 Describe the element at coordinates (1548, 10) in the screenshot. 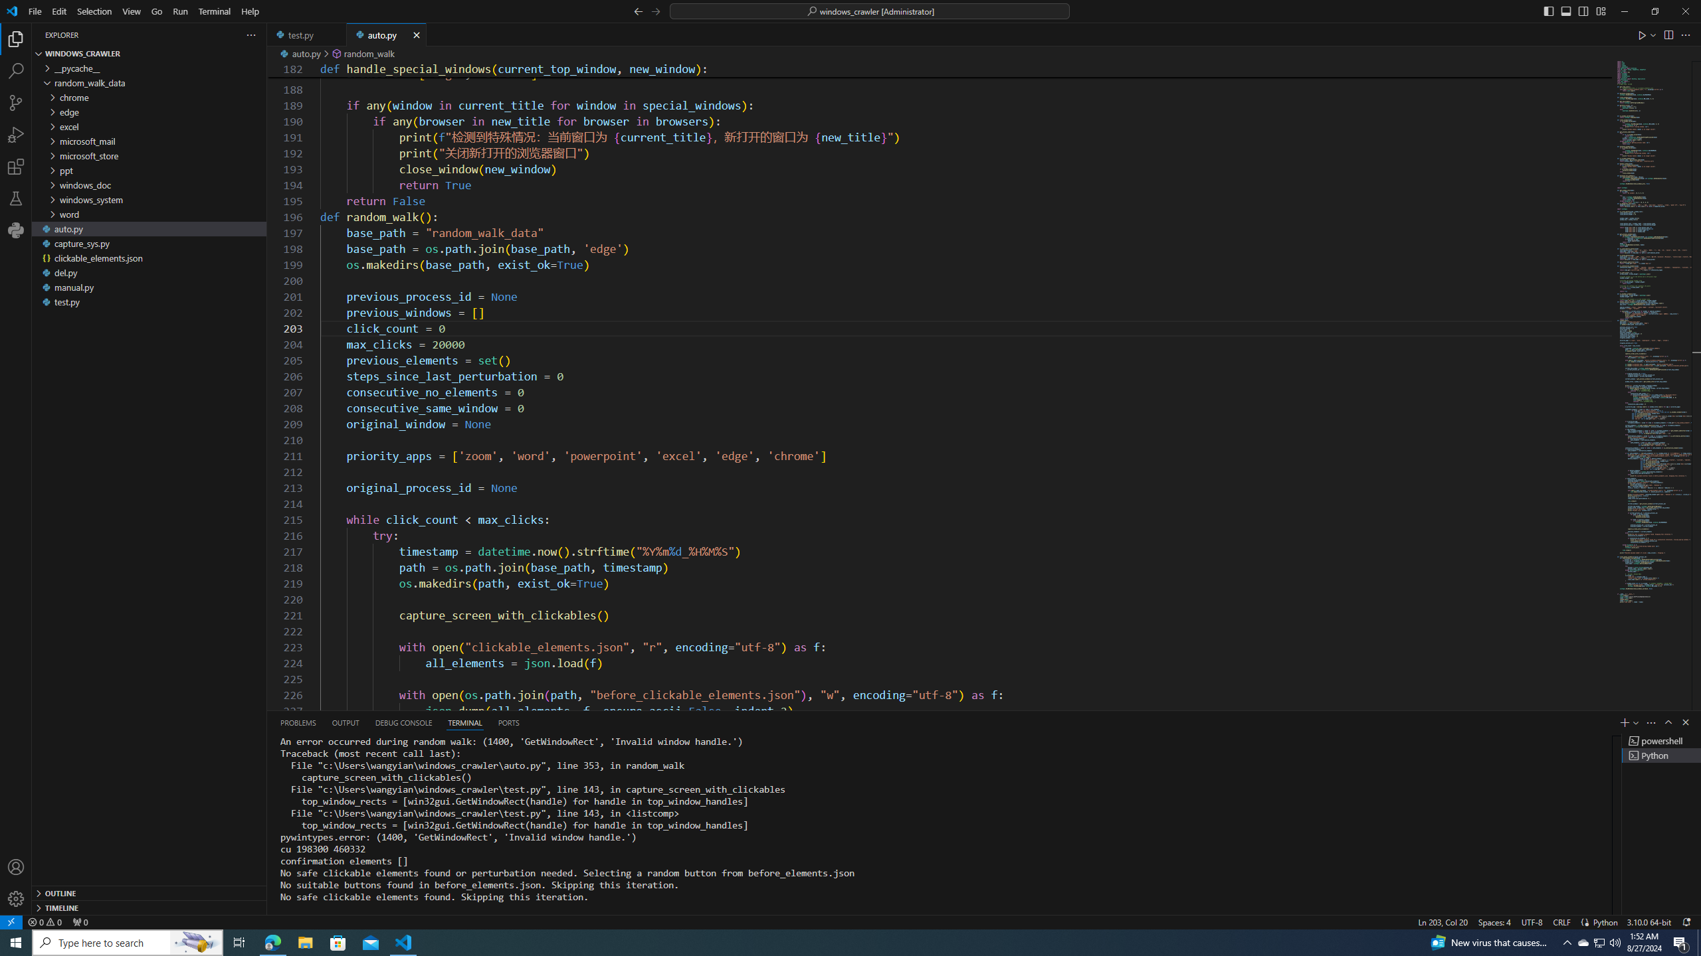

I see `'Toggle Primary Side Bar (Ctrl+B)'` at that location.